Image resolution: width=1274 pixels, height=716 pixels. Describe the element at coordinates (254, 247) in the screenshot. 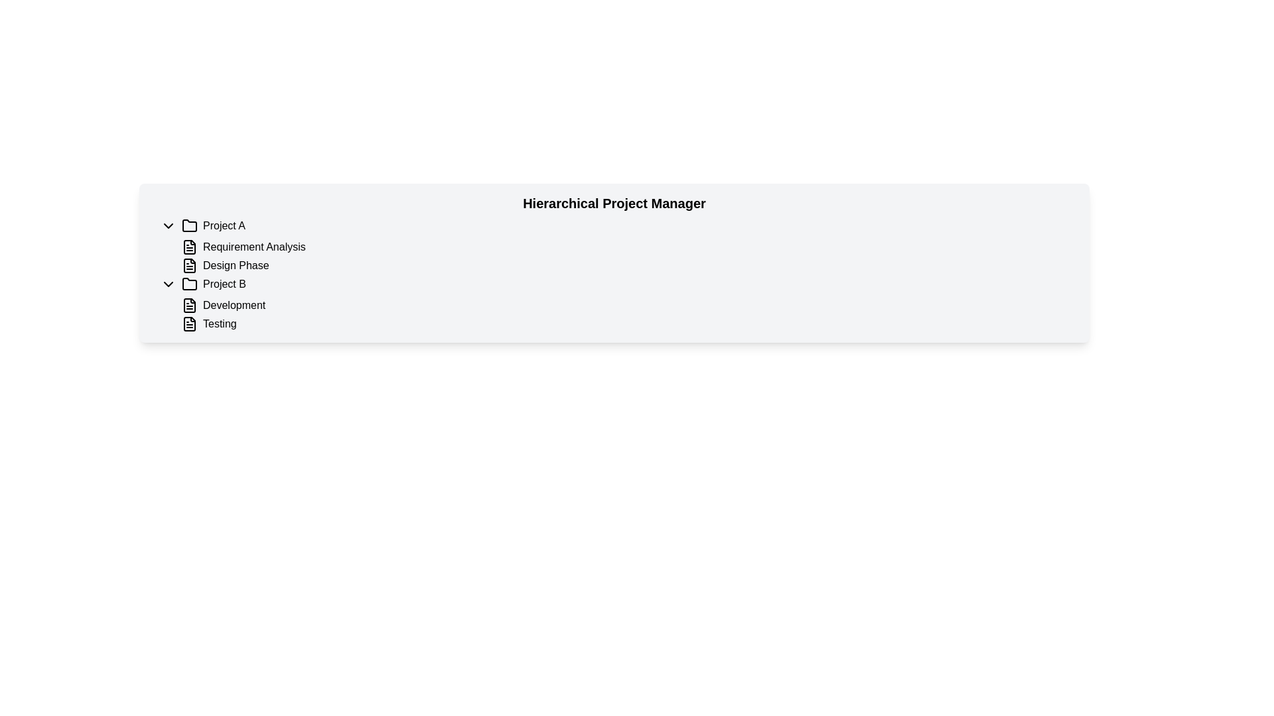

I see `text from the label displaying 'Requirement Analysis' which is part of the 'Project A' section and is aligned with other project items` at that location.